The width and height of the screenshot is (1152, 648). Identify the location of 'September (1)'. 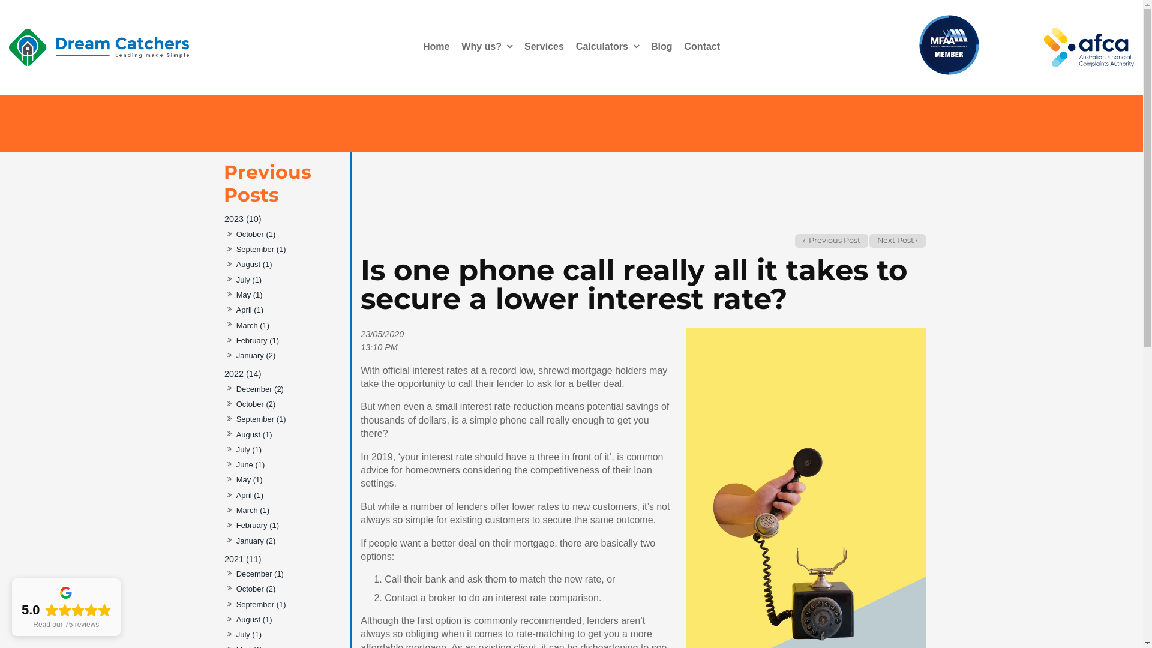
(235, 419).